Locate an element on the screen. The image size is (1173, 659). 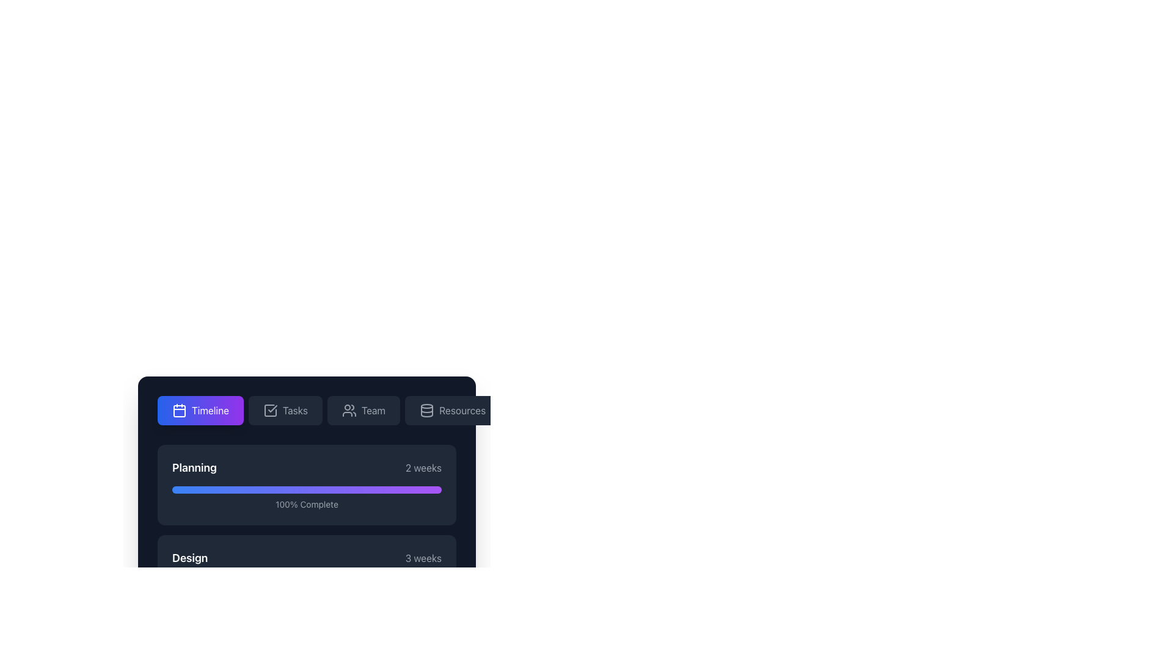
the 'Resources' button in the navigation bar, which is the fourth item and displays a database icon with the text to its right is located at coordinates (452, 410).